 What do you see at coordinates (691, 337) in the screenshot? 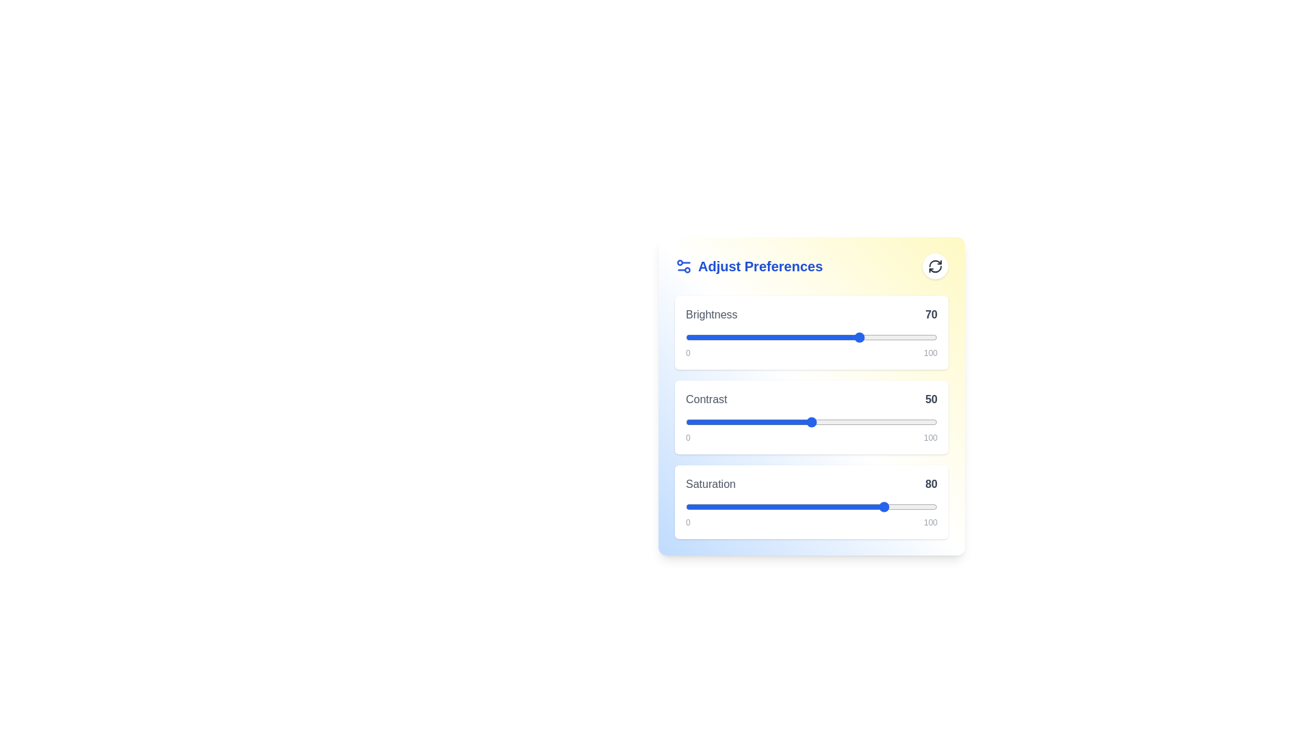
I see `brightness` at bounding box center [691, 337].